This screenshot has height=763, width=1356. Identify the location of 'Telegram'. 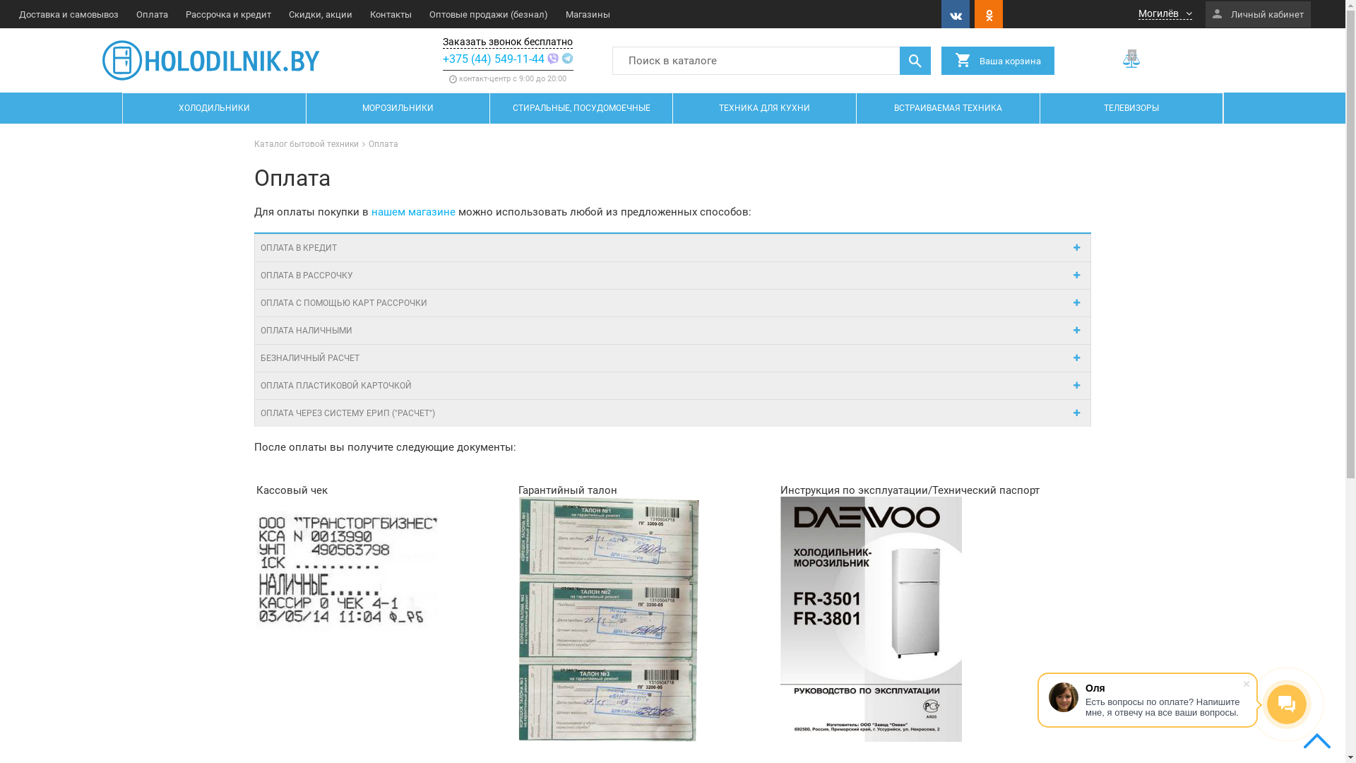
(567, 58).